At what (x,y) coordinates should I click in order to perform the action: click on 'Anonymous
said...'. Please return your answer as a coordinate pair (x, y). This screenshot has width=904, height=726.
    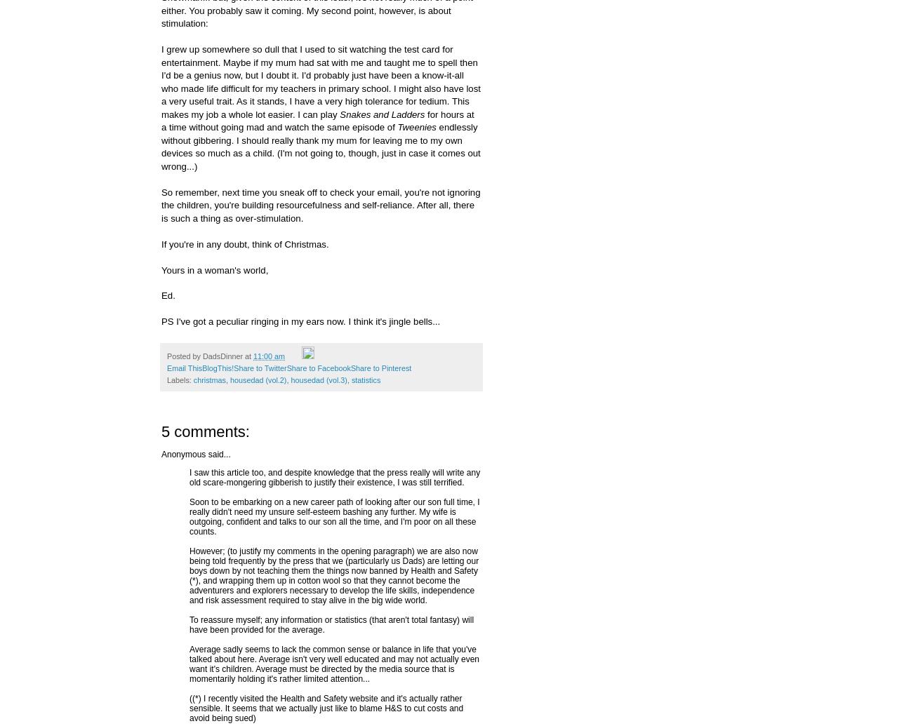
    Looking at the image, I should click on (195, 452).